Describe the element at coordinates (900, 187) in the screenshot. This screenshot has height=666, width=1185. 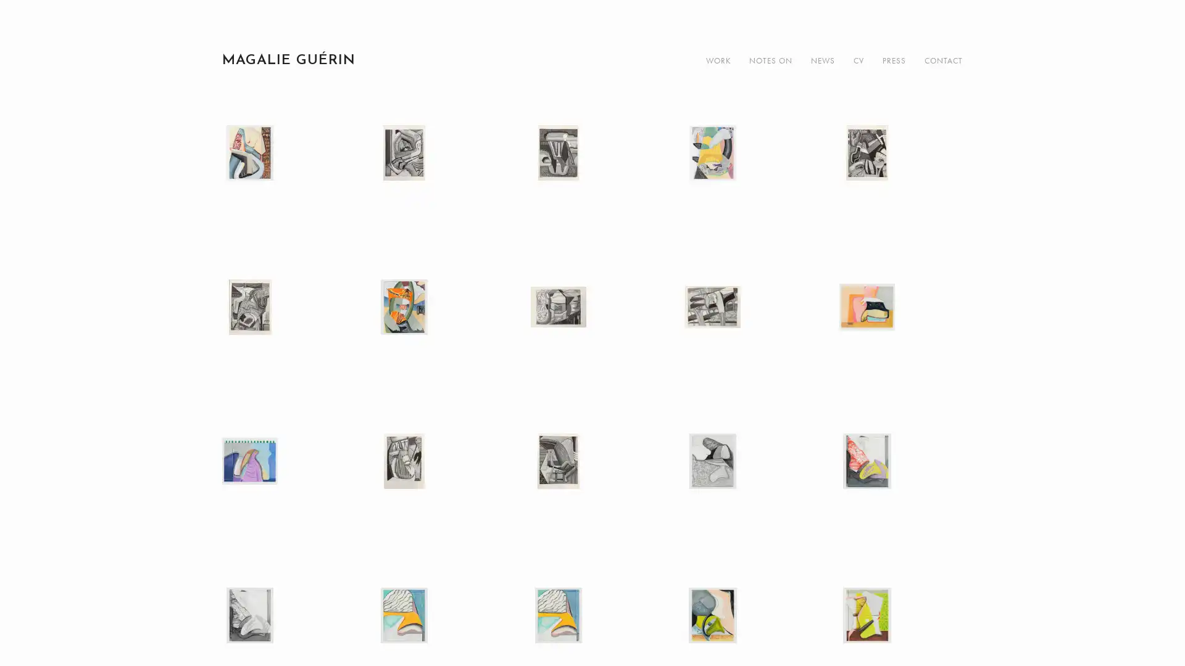
I see `View fullsize Small Copy Drawing 114, 2020` at that location.